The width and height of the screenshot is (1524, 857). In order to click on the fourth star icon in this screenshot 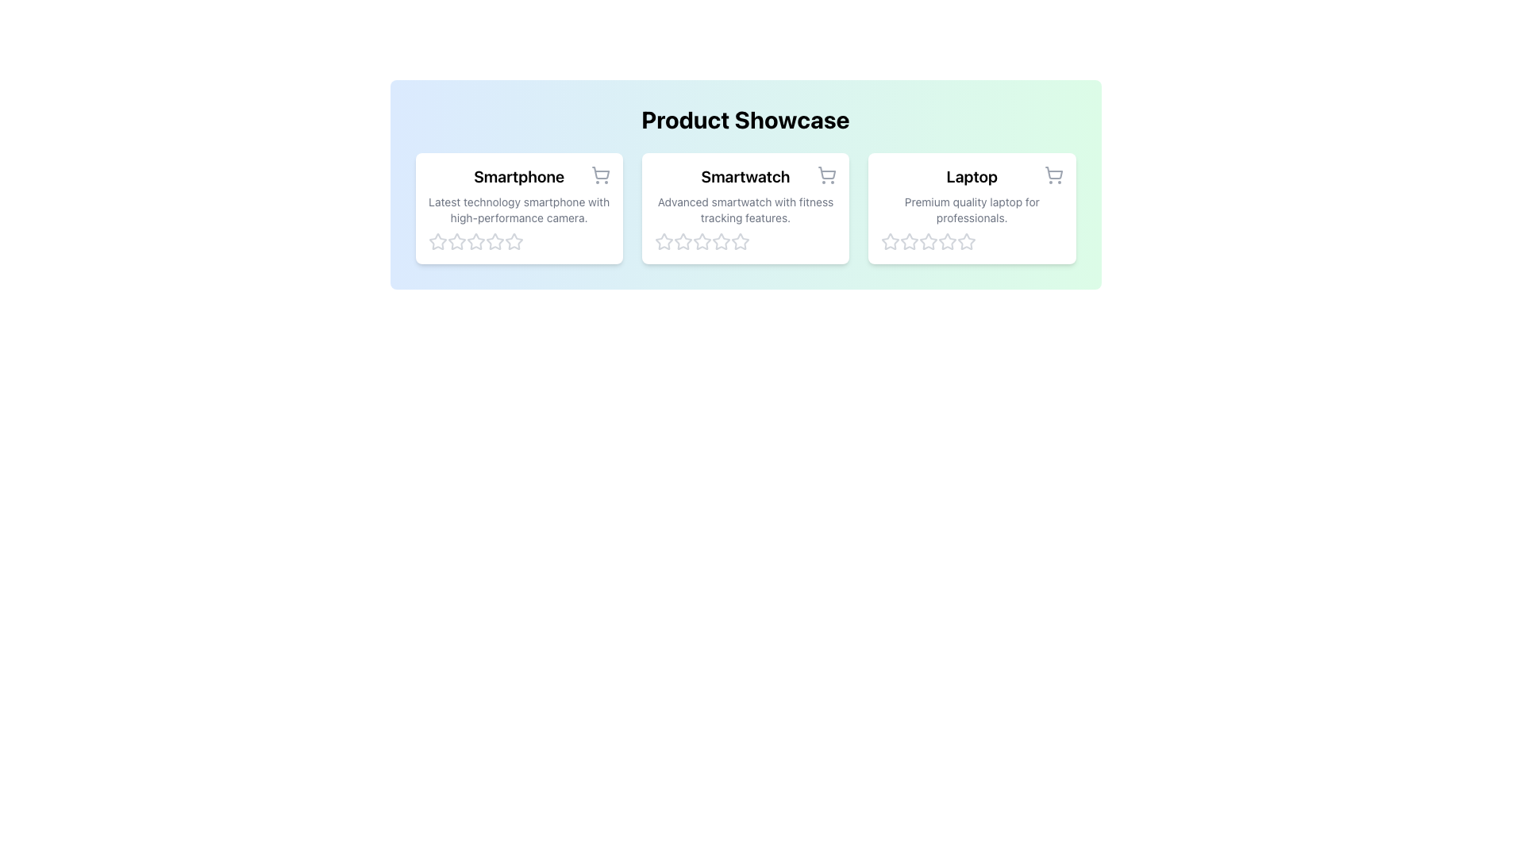, I will do `click(494, 241)`.